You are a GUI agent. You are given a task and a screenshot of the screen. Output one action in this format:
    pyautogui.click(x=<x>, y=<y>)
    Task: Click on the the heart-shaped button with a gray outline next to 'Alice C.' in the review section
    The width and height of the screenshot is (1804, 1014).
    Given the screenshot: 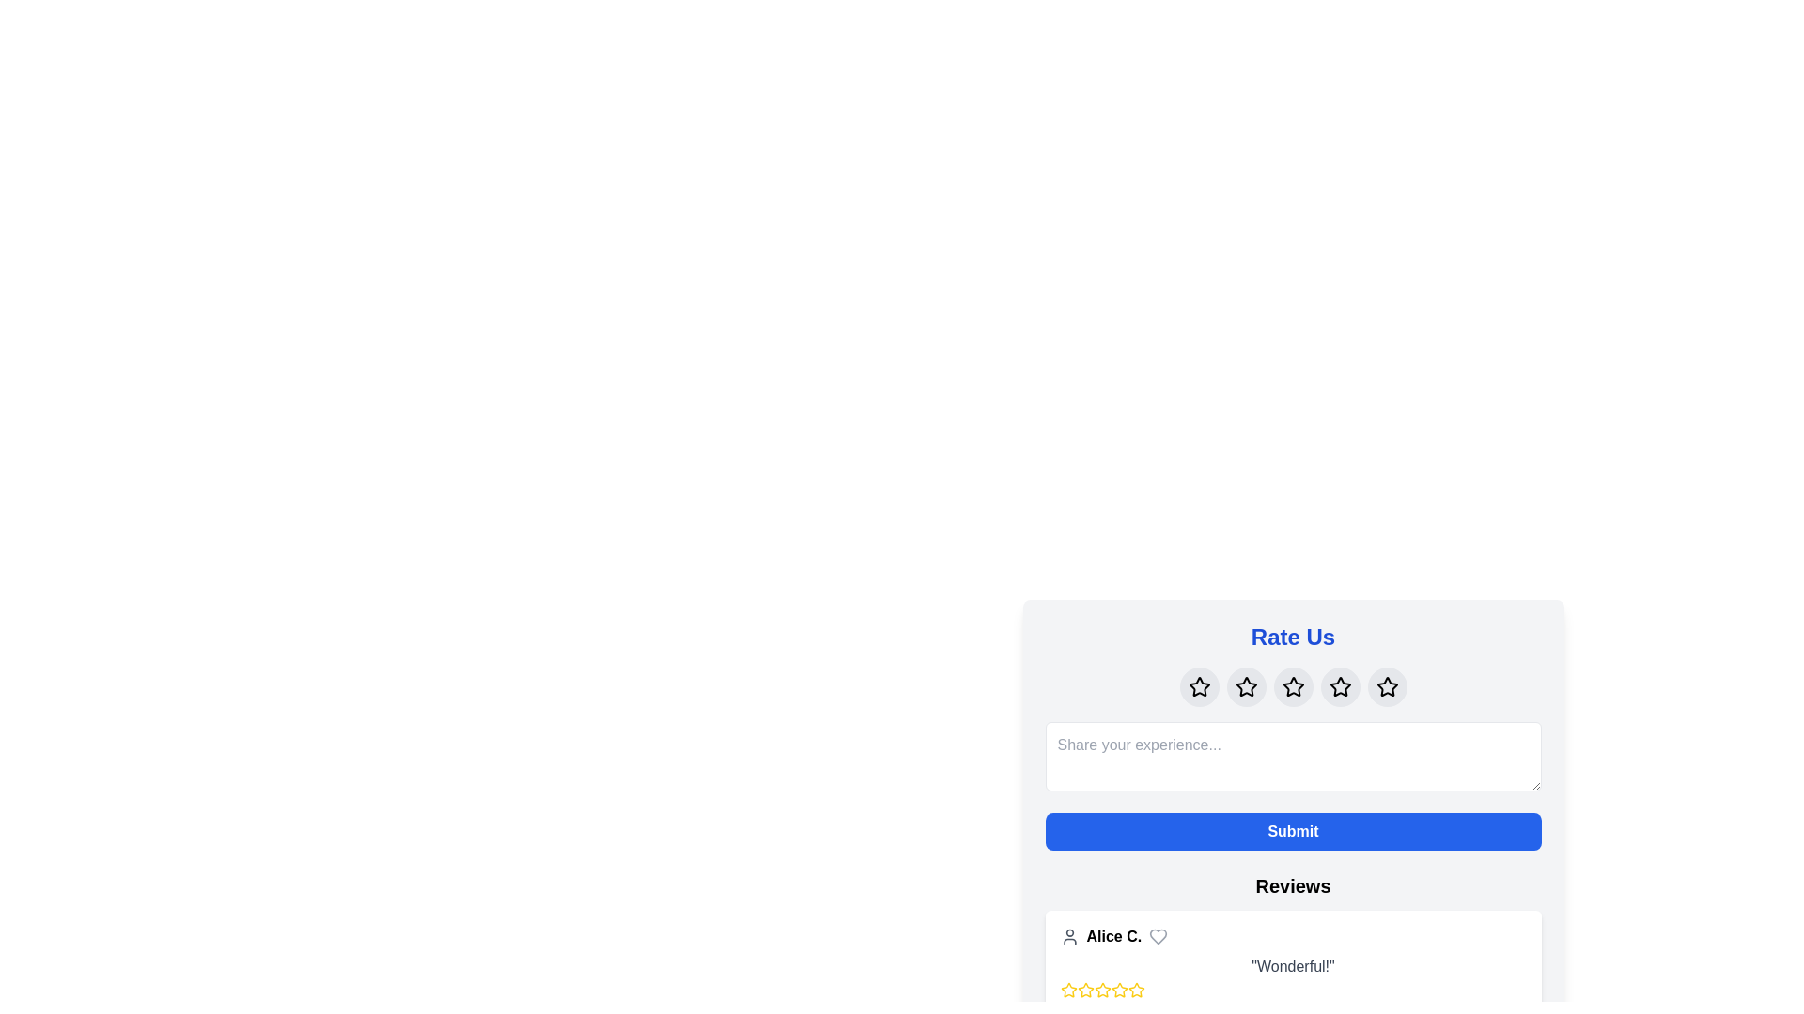 What is the action you would take?
    pyautogui.click(x=1158, y=937)
    